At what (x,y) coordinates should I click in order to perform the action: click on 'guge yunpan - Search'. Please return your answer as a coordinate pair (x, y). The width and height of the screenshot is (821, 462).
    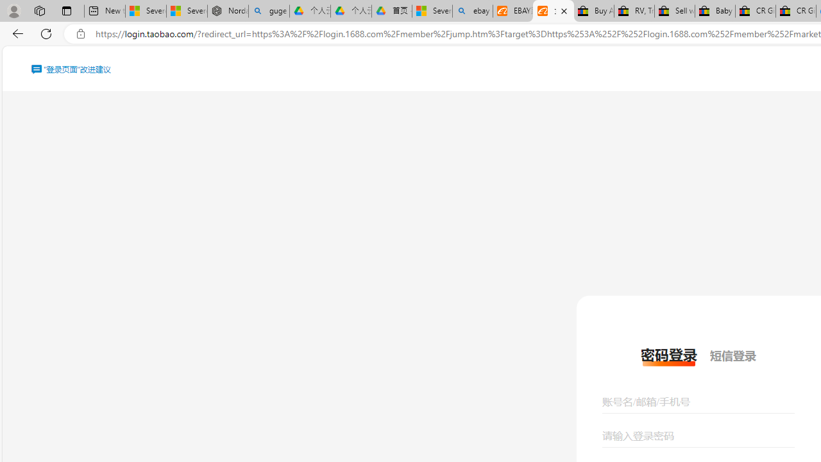
    Looking at the image, I should click on (268, 11).